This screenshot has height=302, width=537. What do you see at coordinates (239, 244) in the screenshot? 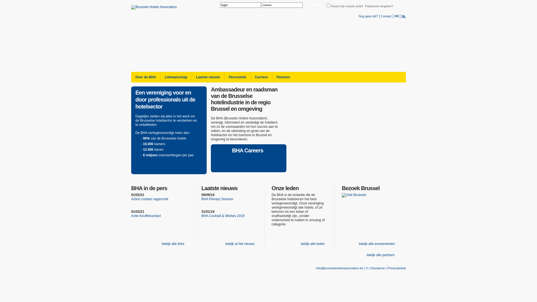
I see `'bekijk al het nieuws'` at bounding box center [239, 244].